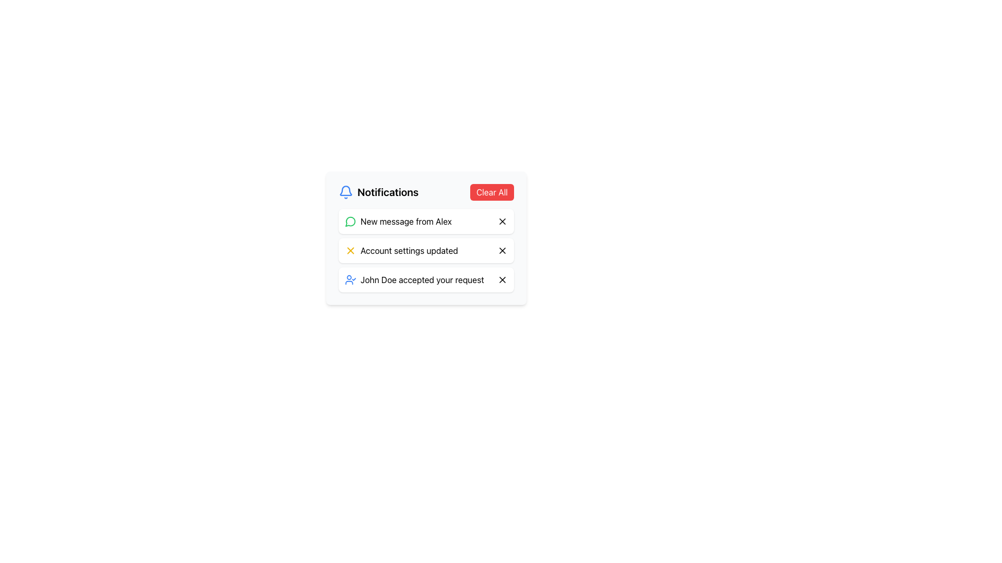 This screenshot has height=563, width=1002. What do you see at coordinates (351, 251) in the screenshot?
I see `the yellow 'X' icon button located to the right of the notification message 'Account settings updated'` at bounding box center [351, 251].